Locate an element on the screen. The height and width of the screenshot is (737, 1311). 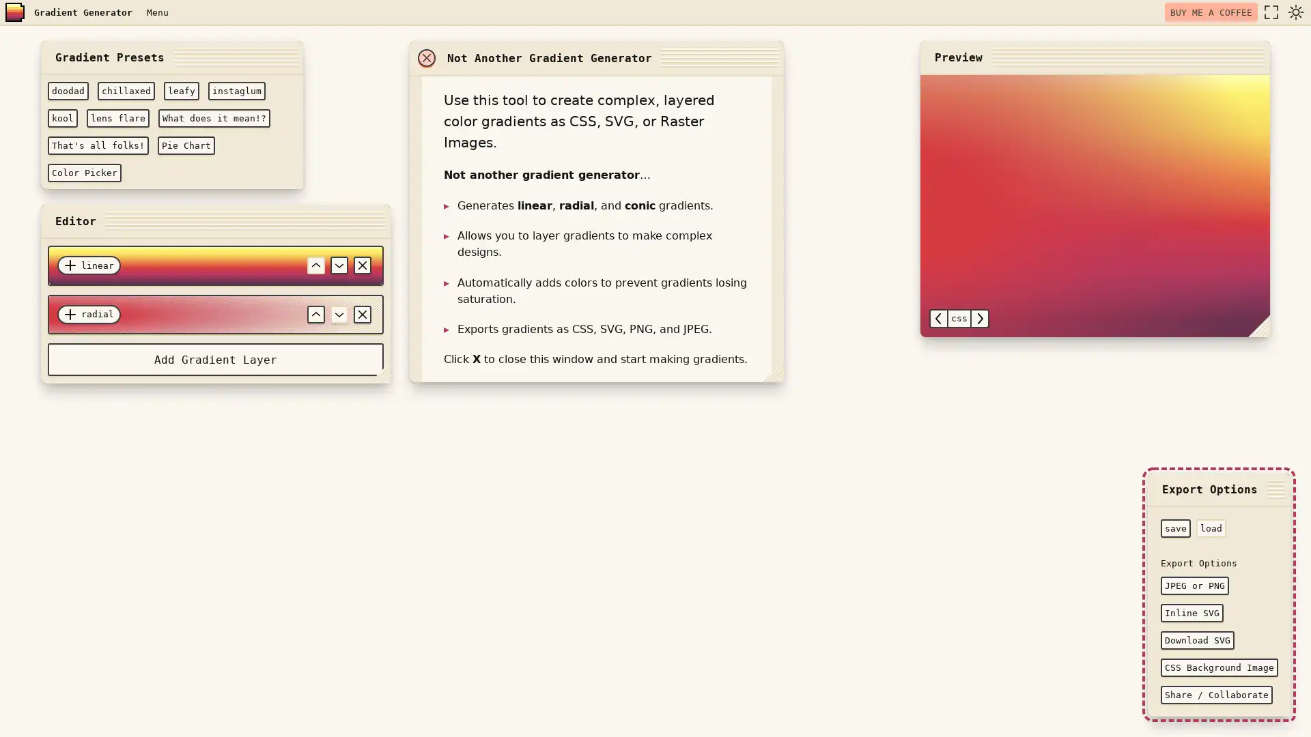
radial is located at coordinates (88, 313).